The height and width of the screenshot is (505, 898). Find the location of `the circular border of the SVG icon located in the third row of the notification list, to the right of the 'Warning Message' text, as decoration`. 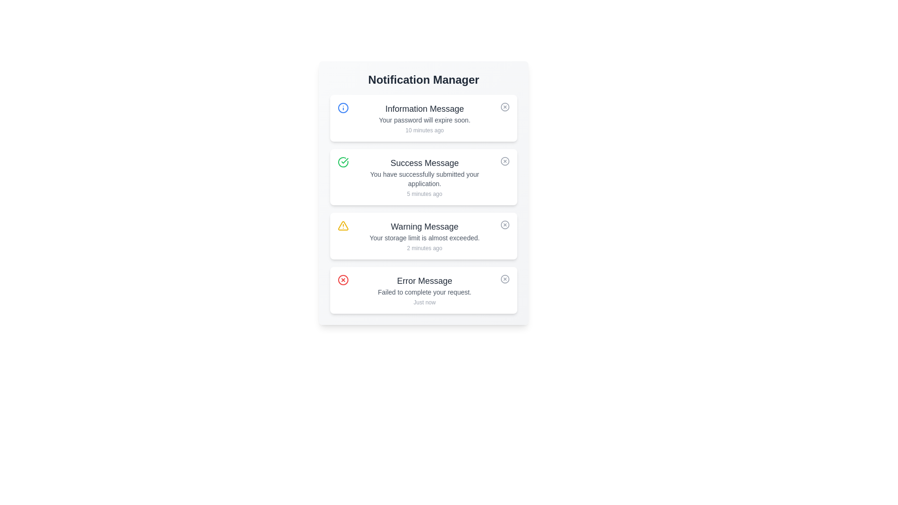

the circular border of the SVG icon located in the third row of the notification list, to the right of the 'Warning Message' text, as decoration is located at coordinates (505, 225).